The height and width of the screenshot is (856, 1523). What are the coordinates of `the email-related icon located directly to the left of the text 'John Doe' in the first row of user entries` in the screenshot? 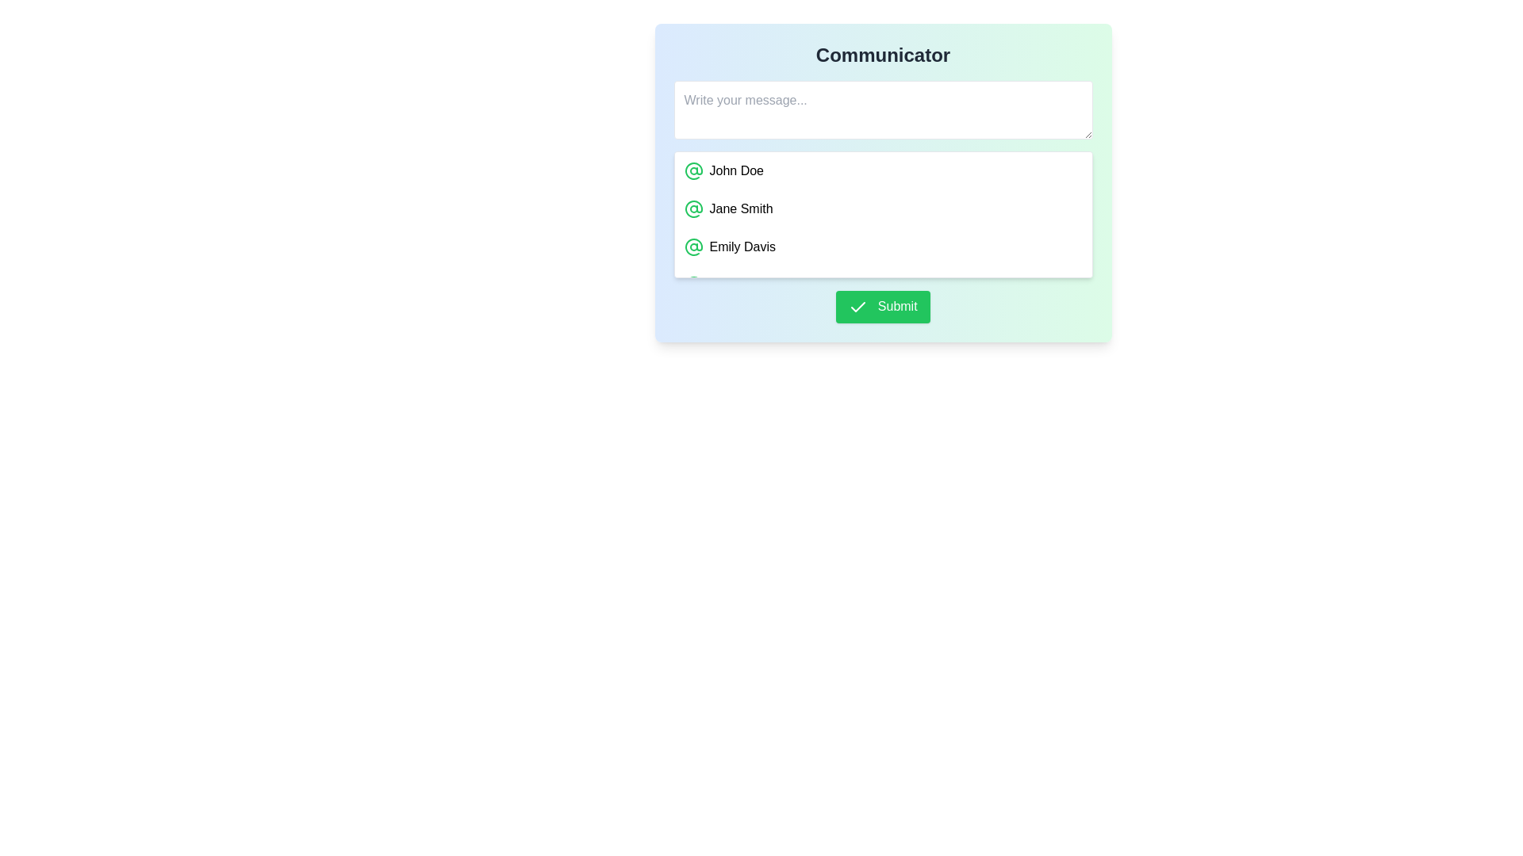 It's located at (693, 171).